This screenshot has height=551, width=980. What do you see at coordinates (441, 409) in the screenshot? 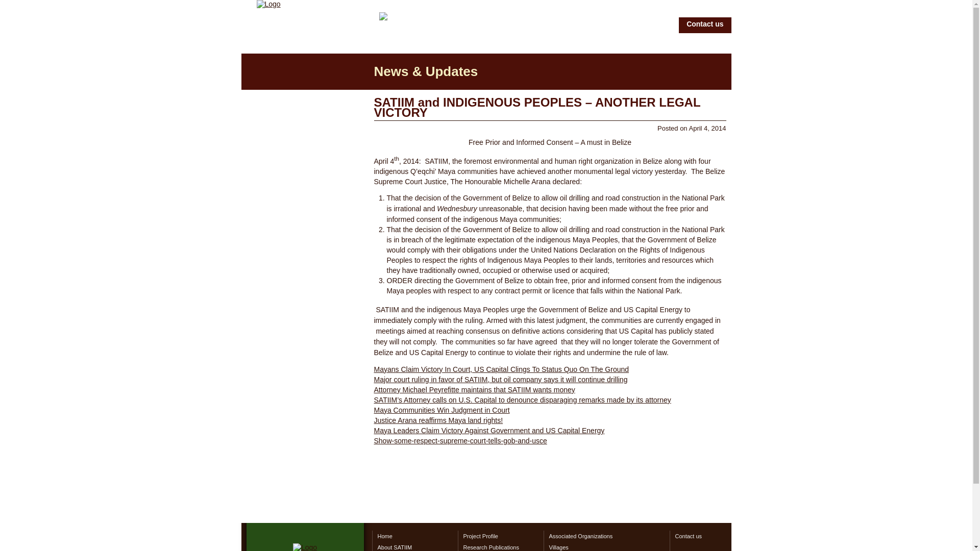
I see `'Maya Communities Win Judgment in Court'` at bounding box center [441, 409].